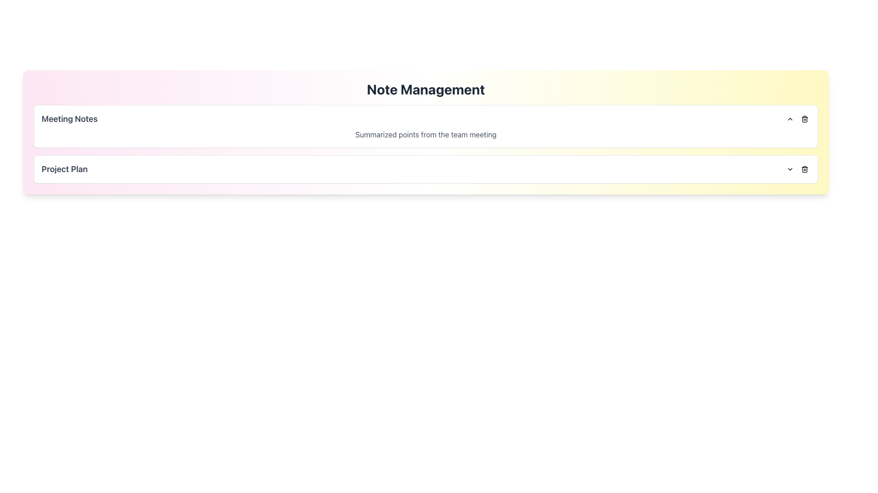  What do you see at coordinates (790, 169) in the screenshot?
I see `the downward pointing chevron button` at bounding box center [790, 169].